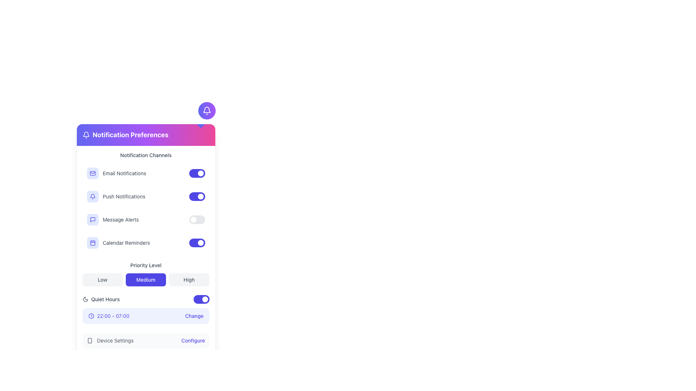 The height and width of the screenshot is (391, 696). I want to click on the toggle switch knob for 'Message Alerts' located on the left inside the toggle switch in the Notification Preferences section, so click(193, 219).